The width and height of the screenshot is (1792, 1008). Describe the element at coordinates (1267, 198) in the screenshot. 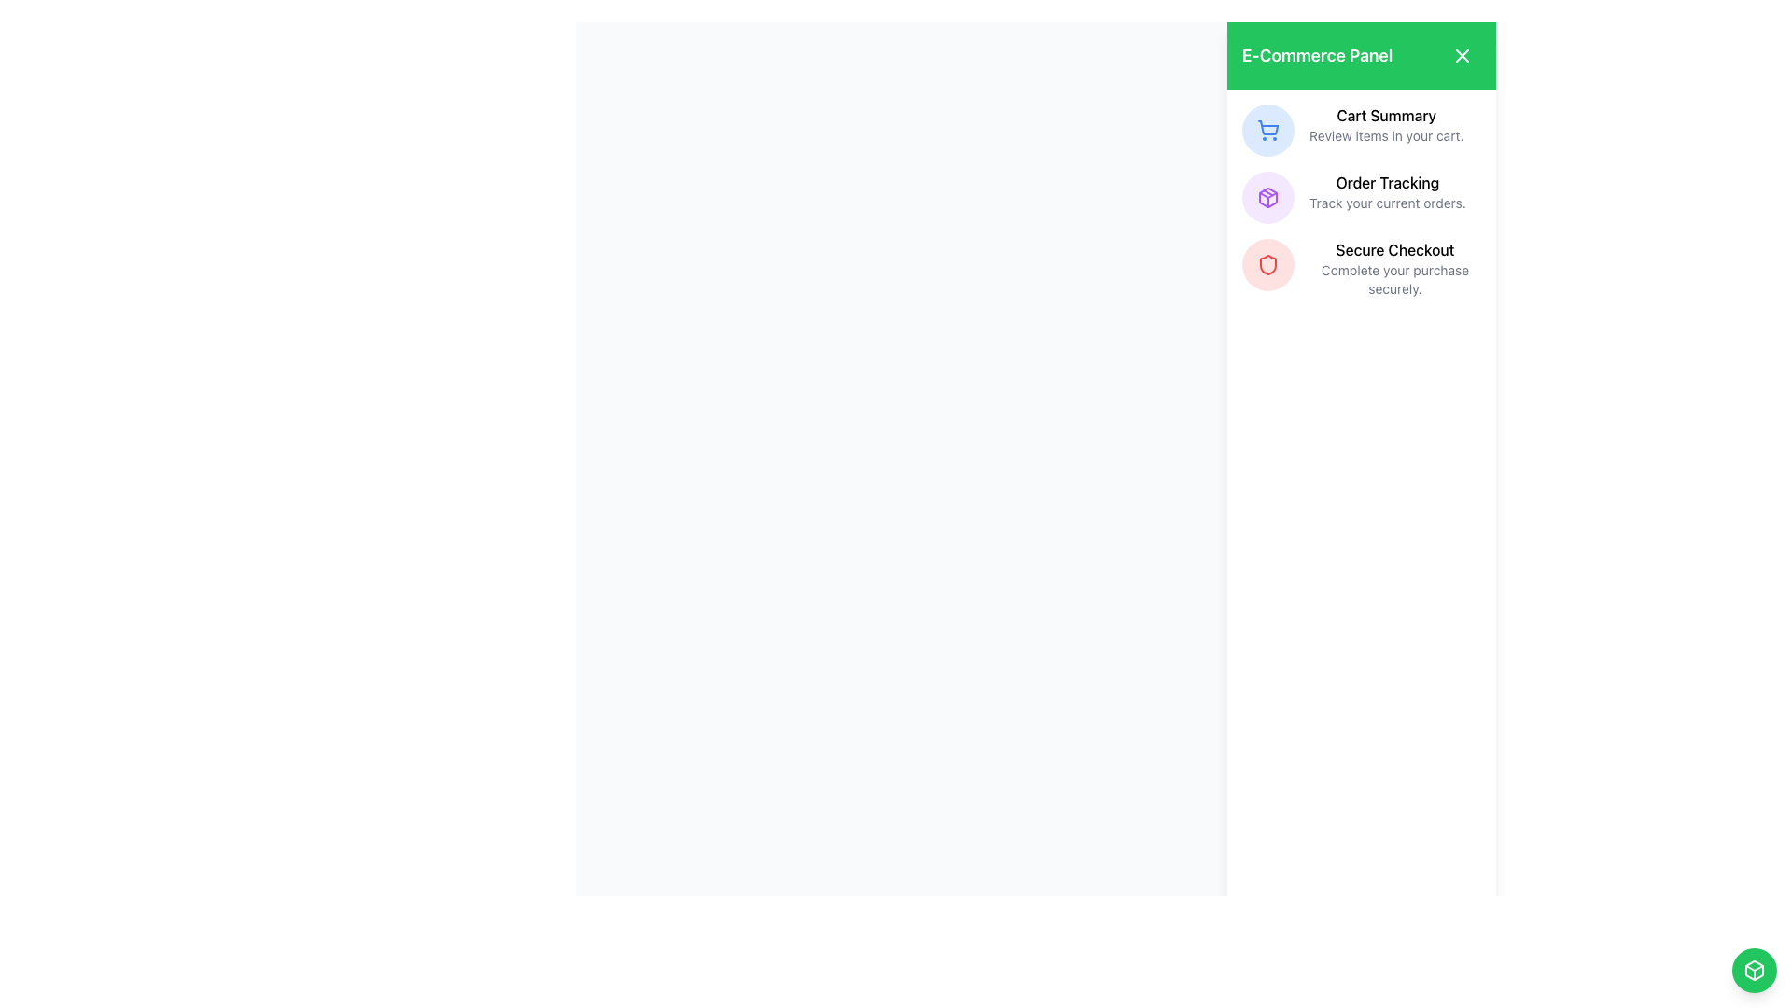

I see `the second icon in the E-Commerce Panel that represents 'Order Tracking'` at that location.